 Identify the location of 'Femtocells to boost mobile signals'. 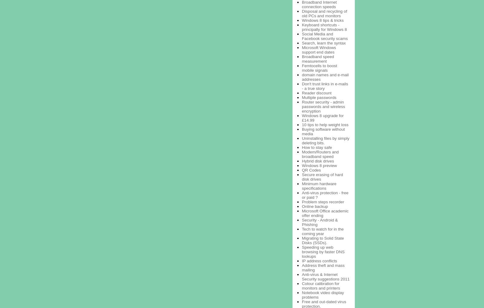
(302, 67).